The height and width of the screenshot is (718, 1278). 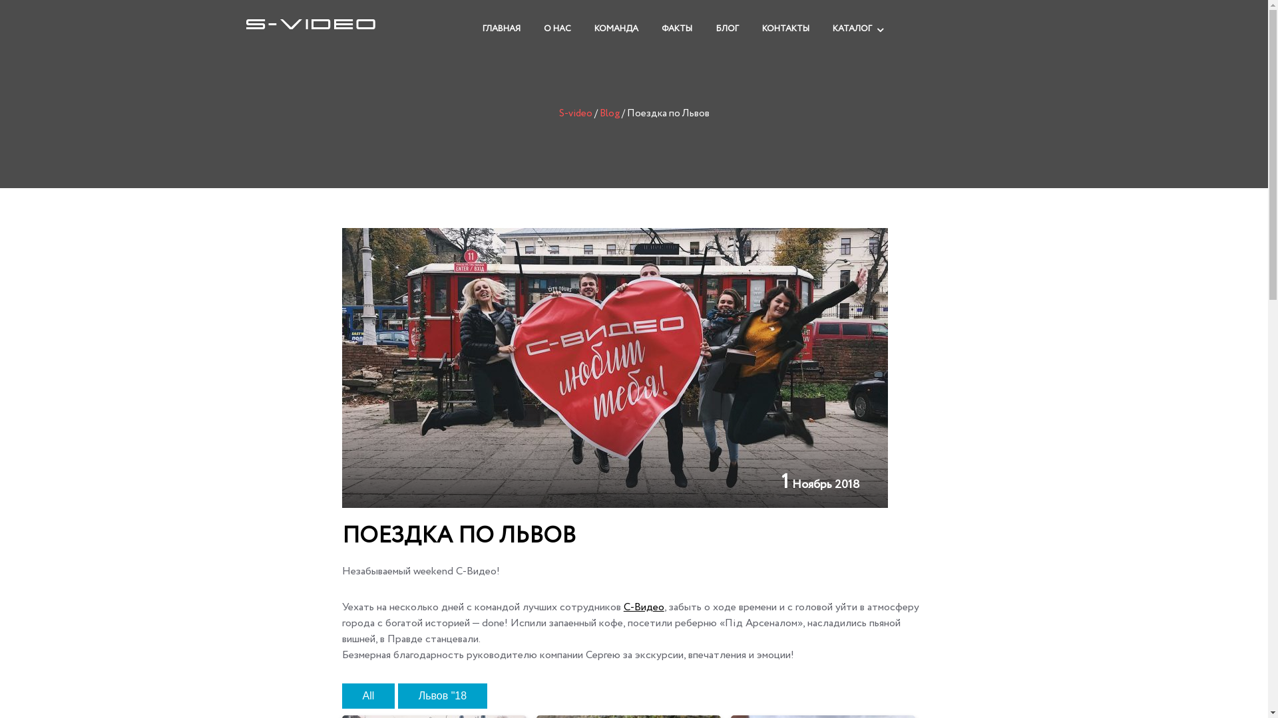 What do you see at coordinates (368, 695) in the screenshot?
I see `'All'` at bounding box center [368, 695].